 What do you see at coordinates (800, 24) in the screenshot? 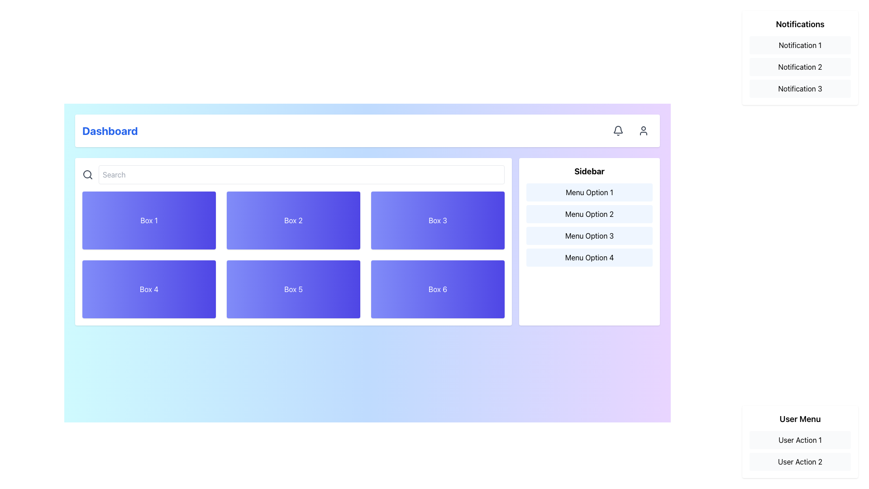
I see `the 'Notifications' text header element, which is styled as bold and serves as a section title above the notification list items` at bounding box center [800, 24].